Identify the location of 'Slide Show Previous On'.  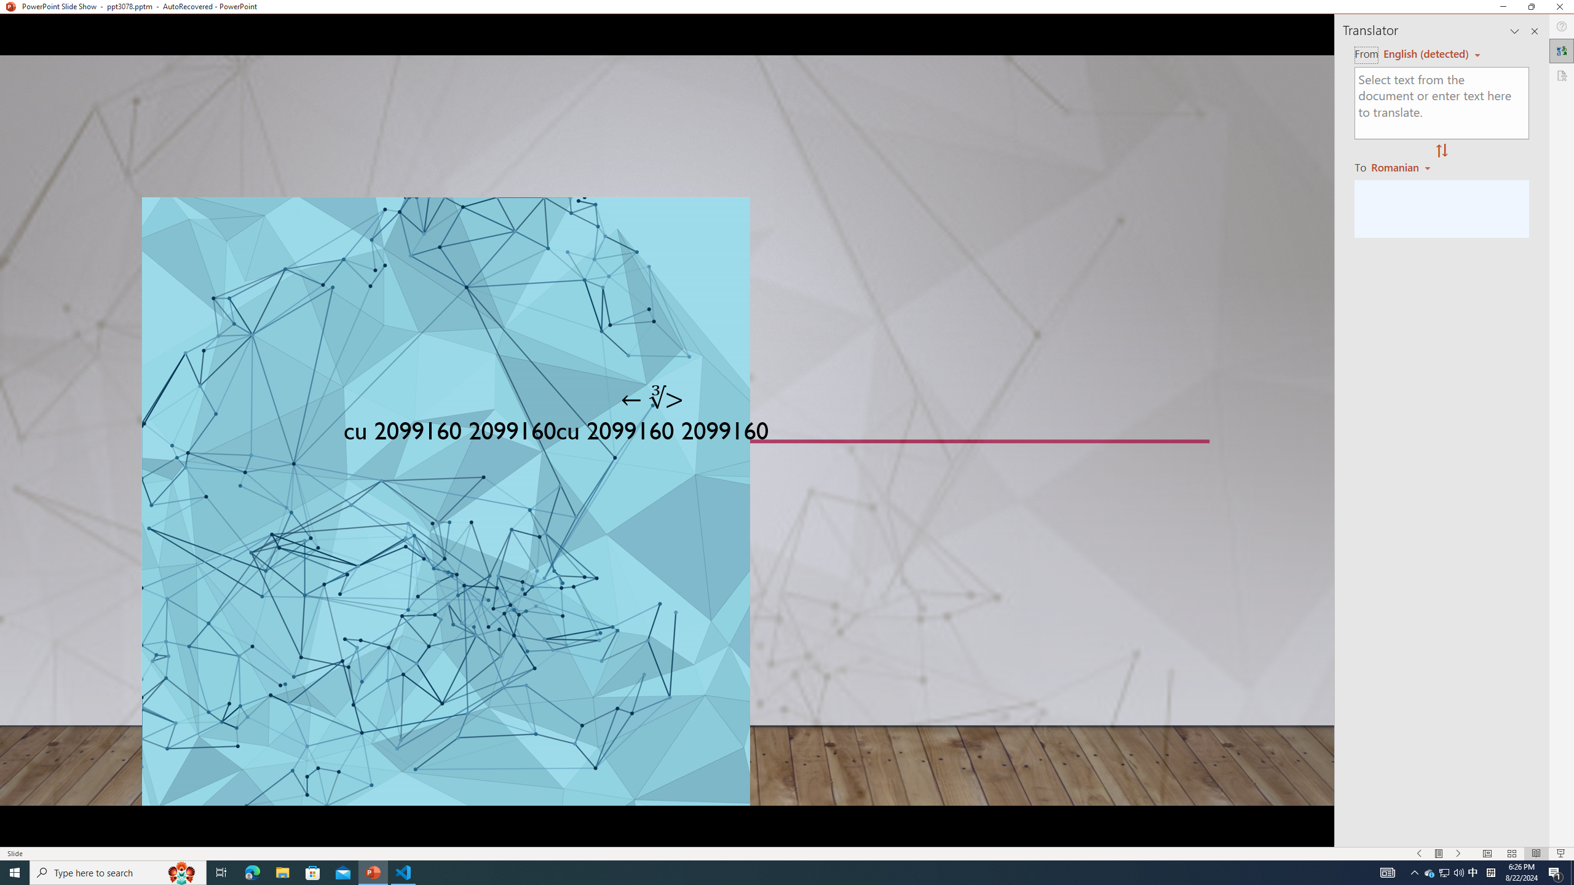
(1419, 854).